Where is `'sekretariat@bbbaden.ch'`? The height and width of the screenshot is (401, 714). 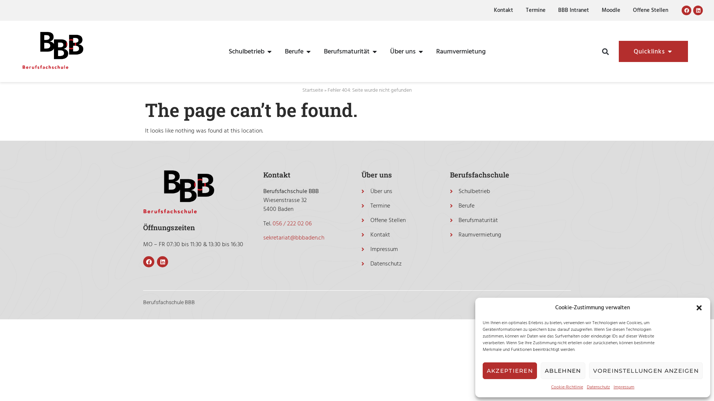
'sekretariat@bbbaden.ch' is located at coordinates (293, 238).